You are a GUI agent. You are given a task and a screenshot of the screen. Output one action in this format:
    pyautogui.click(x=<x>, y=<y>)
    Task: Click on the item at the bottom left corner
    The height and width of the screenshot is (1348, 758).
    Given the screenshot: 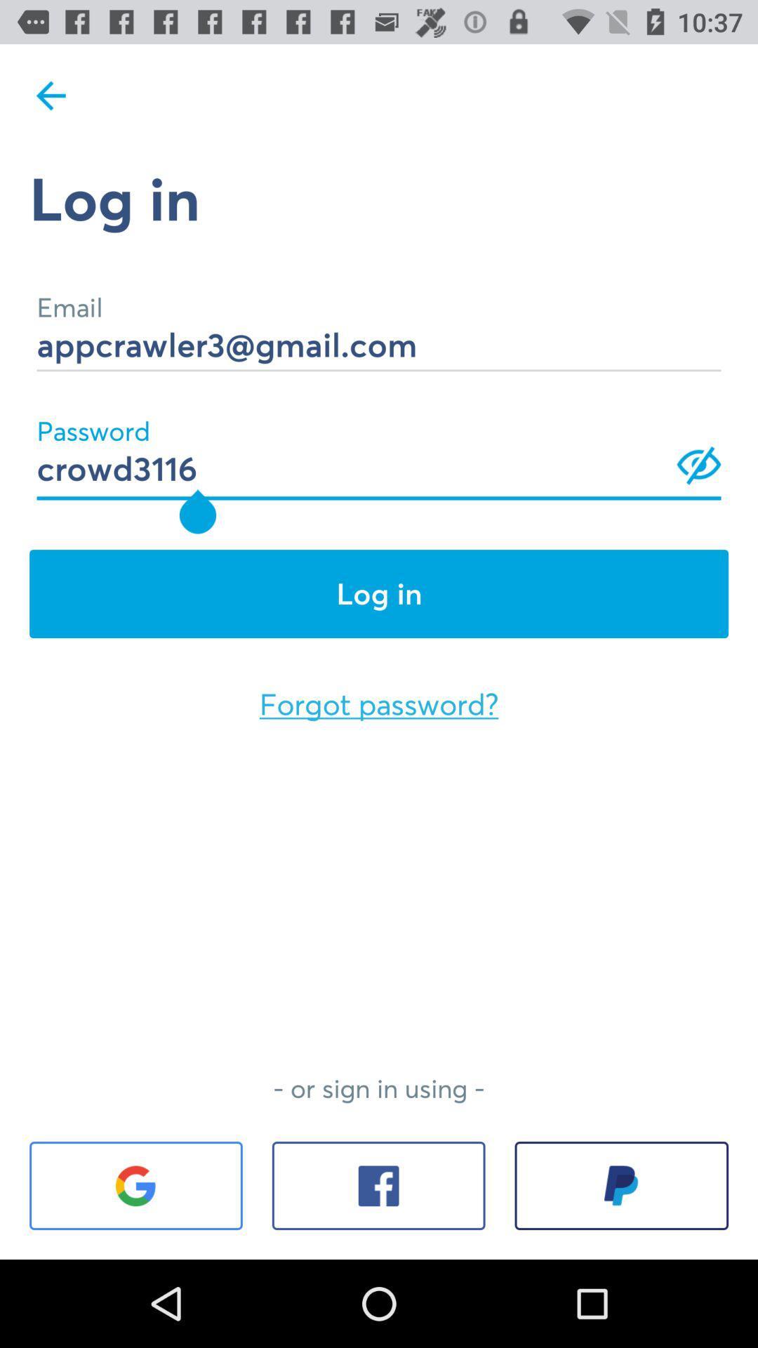 What is the action you would take?
    pyautogui.click(x=135, y=1185)
    